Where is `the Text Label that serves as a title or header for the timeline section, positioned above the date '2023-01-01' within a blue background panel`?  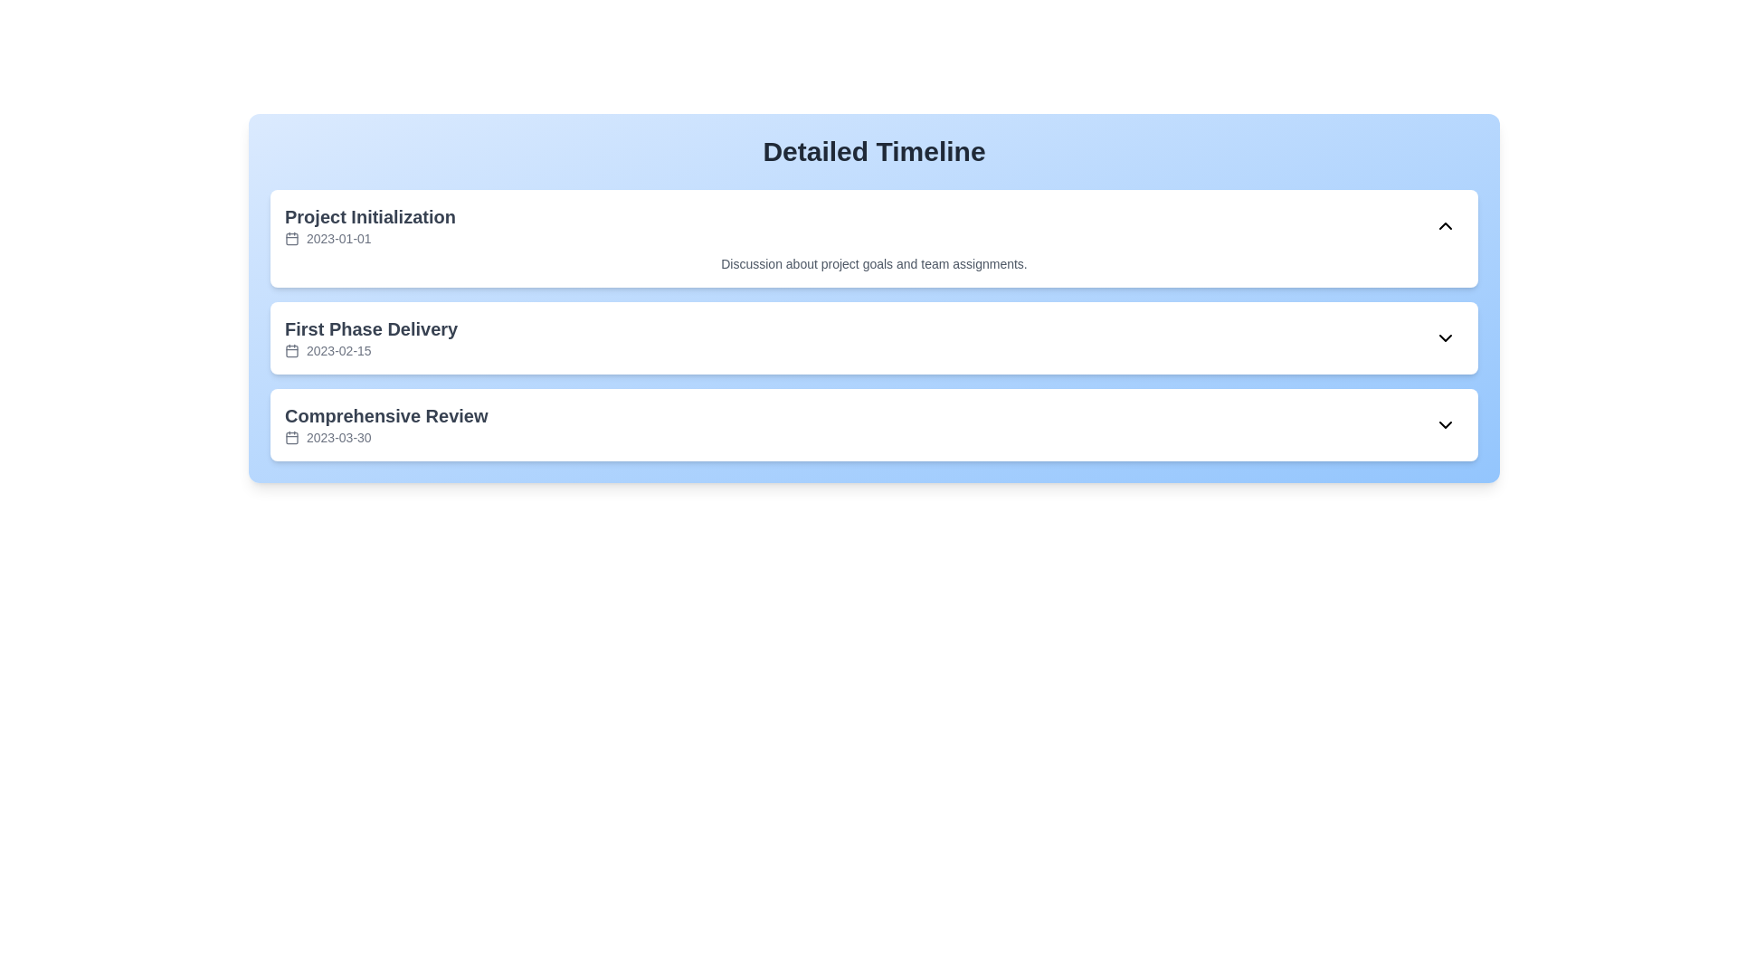
the Text Label that serves as a title or header for the timeline section, positioned above the date '2023-01-01' within a blue background panel is located at coordinates (369, 215).